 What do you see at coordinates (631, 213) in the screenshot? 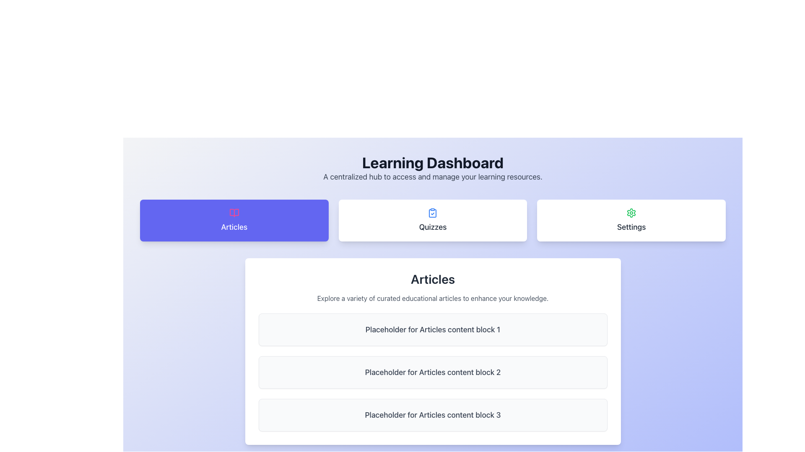
I see `the settings icon (gear/settings symbol) located in the top-right corner of the primary navigation bar, which indicates configuration options` at bounding box center [631, 213].